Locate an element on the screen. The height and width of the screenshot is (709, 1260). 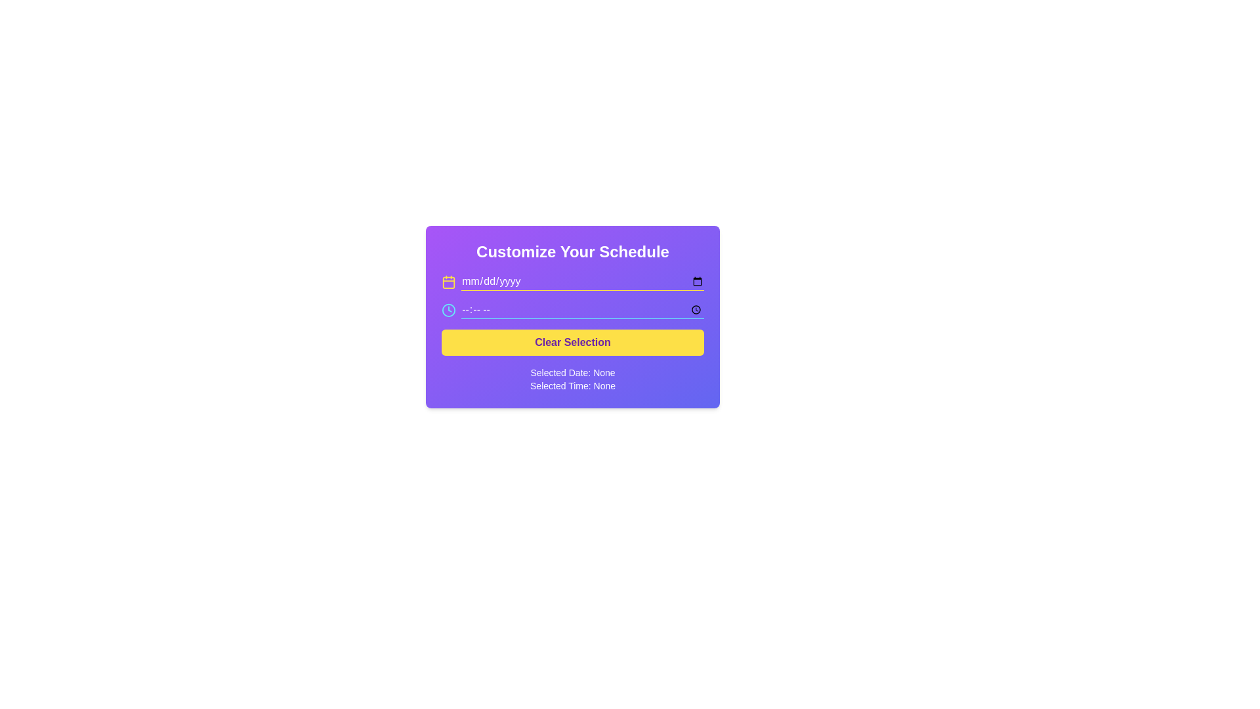
the Time input field, which is positioned below the date input field and above the 'Clear Selection' button is located at coordinates (573, 309).